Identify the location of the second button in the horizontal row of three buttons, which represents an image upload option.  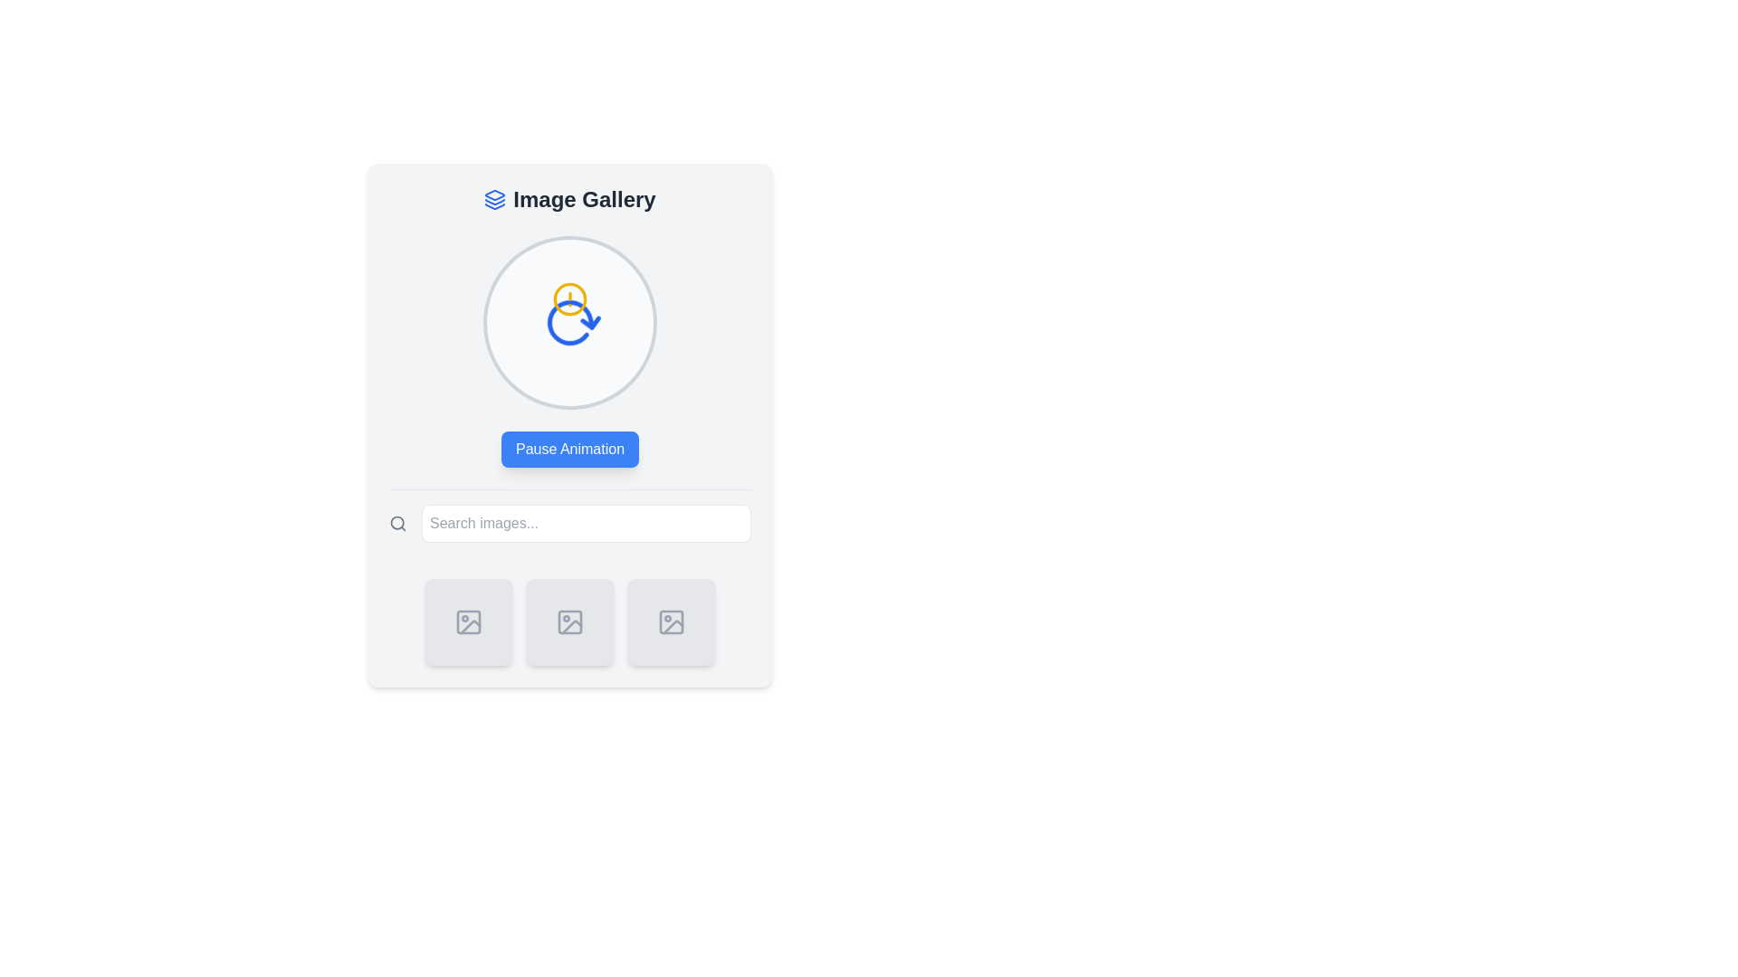
(568, 621).